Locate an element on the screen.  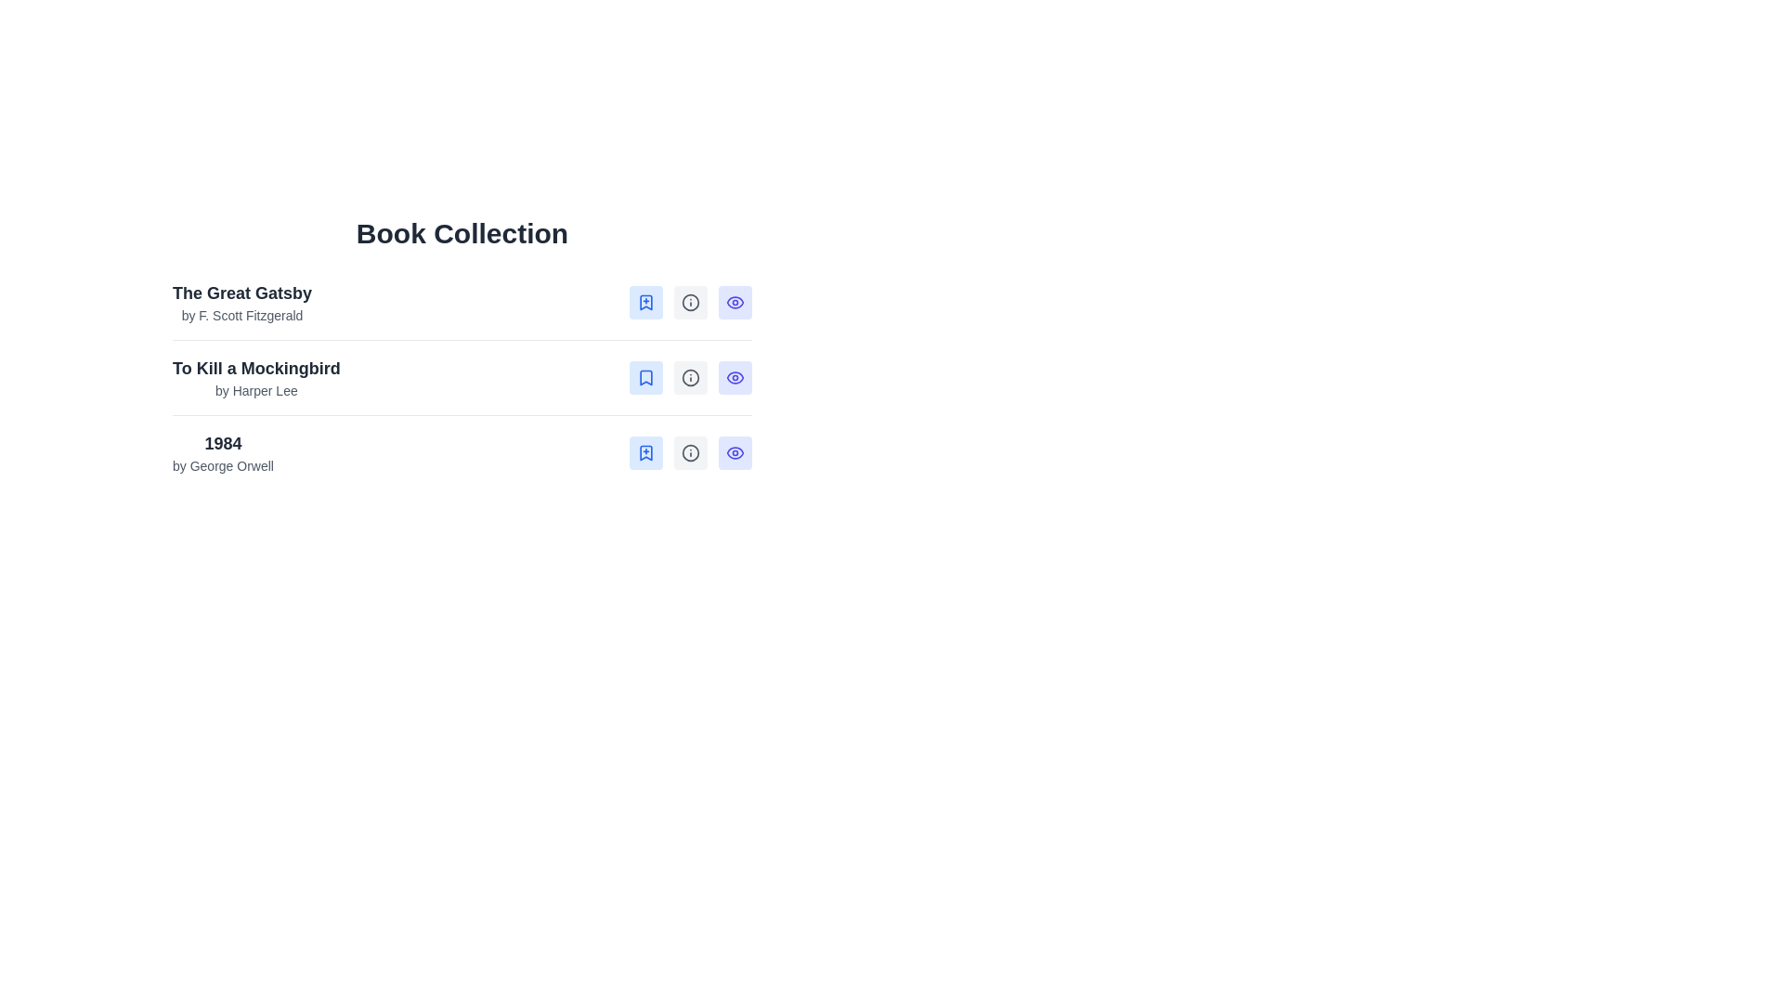
the circular icon button with a gray border and a centered exclamation mark to change its background color is located at coordinates (690, 302).